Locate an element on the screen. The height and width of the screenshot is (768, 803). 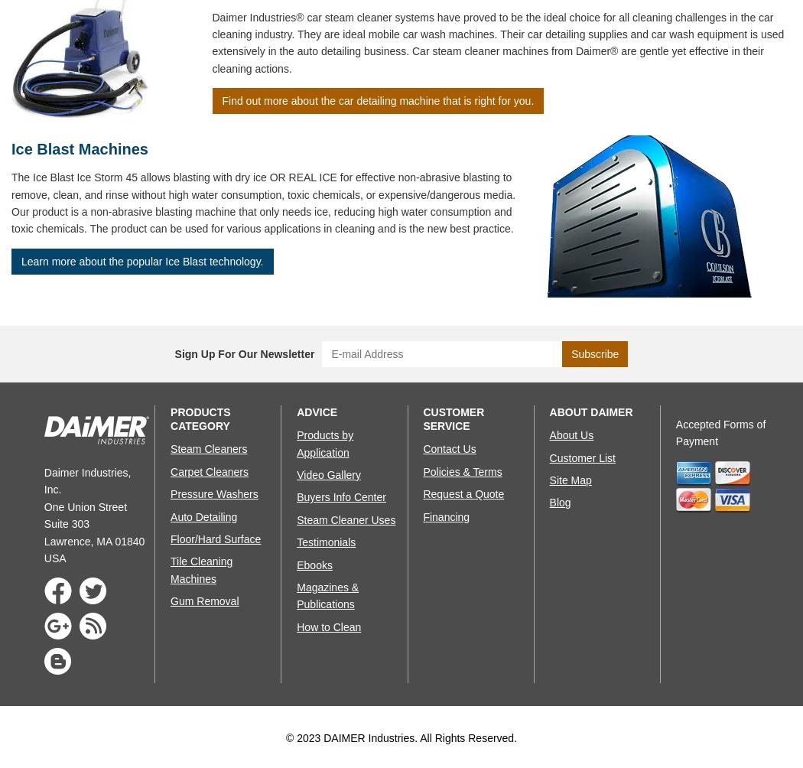
'About Daimer' is located at coordinates (590, 412).